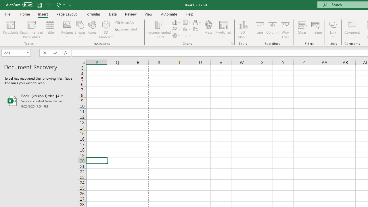  What do you see at coordinates (315, 30) in the screenshot?
I see `'Timeline'` at bounding box center [315, 30].